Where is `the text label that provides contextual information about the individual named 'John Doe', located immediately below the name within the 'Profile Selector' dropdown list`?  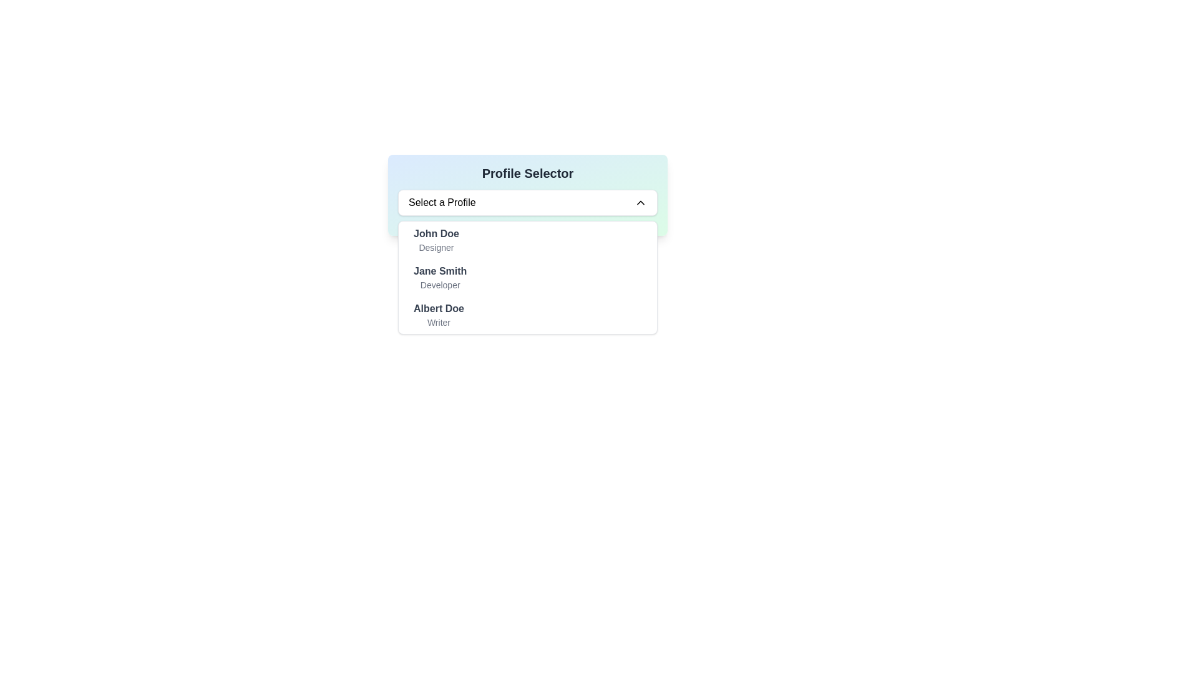
the text label that provides contextual information about the individual named 'John Doe', located immediately below the name within the 'Profile Selector' dropdown list is located at coordinates (436, 248).